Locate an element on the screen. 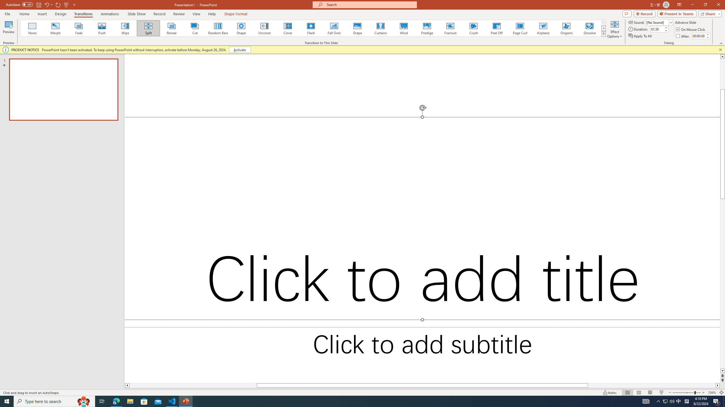 The height and width of the screenshot is (407, 725). 'Effect Options' is located at coordinates (614, 29).